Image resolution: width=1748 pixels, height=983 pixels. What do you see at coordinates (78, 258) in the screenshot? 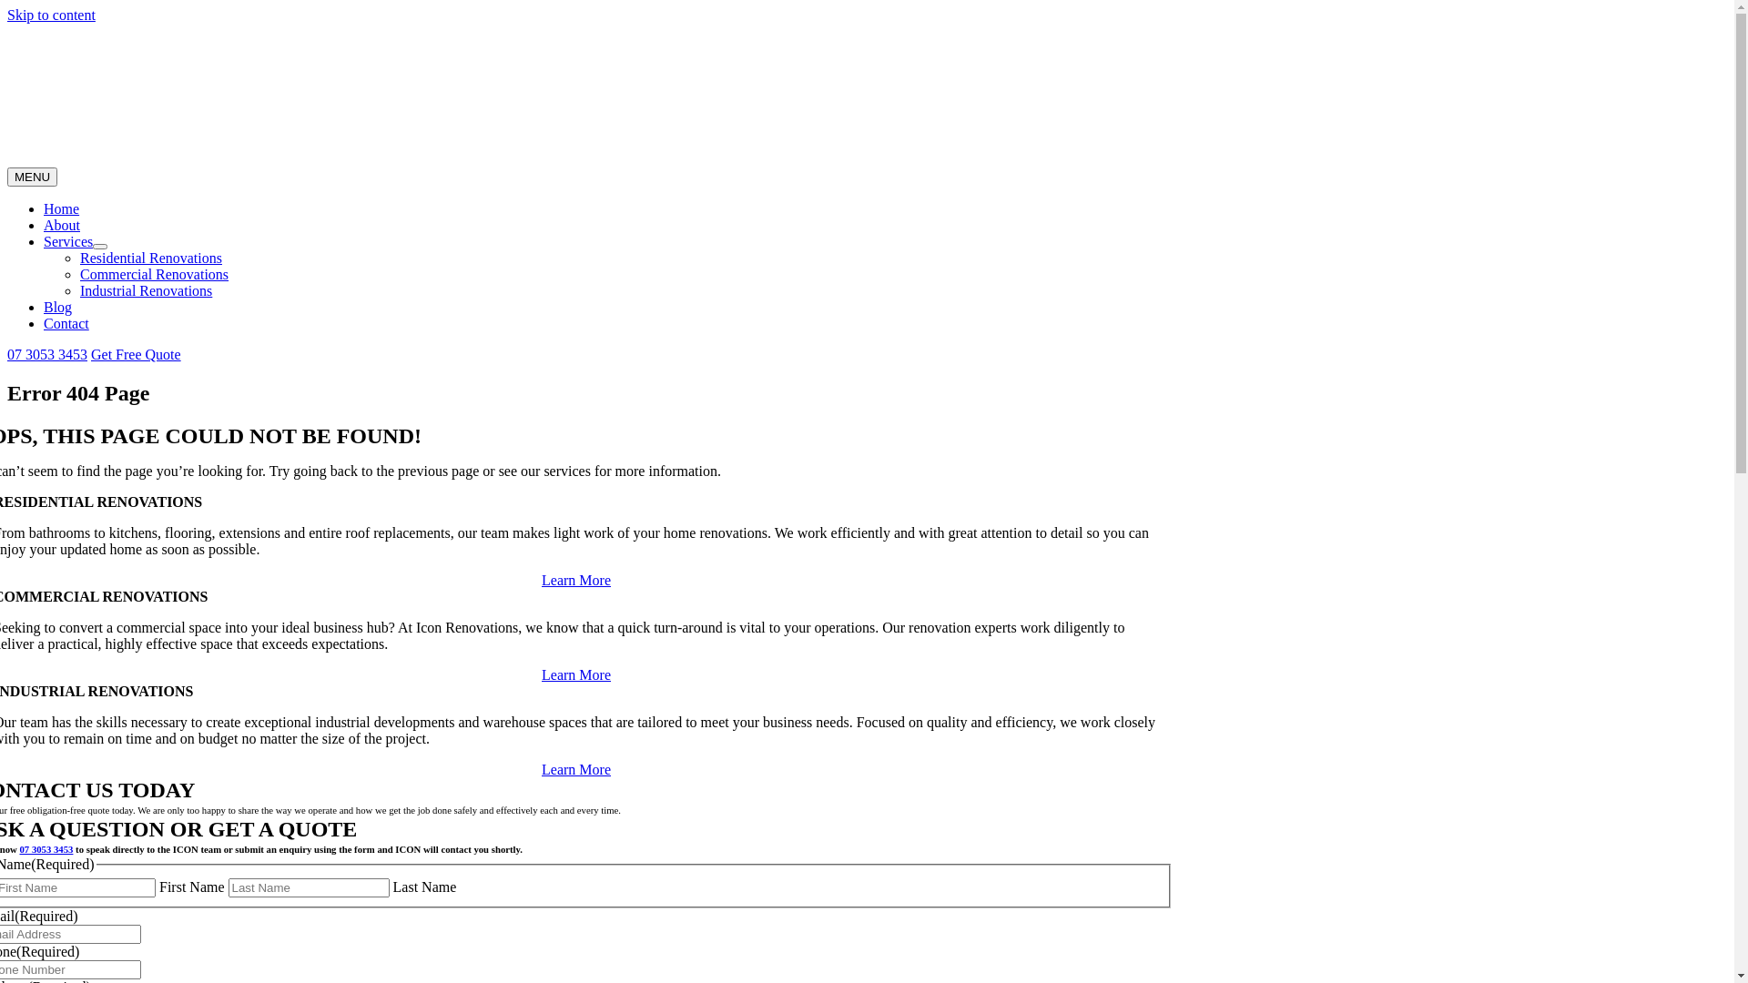
I see `'Residential Renovations'` at bounding box center [78, 258].